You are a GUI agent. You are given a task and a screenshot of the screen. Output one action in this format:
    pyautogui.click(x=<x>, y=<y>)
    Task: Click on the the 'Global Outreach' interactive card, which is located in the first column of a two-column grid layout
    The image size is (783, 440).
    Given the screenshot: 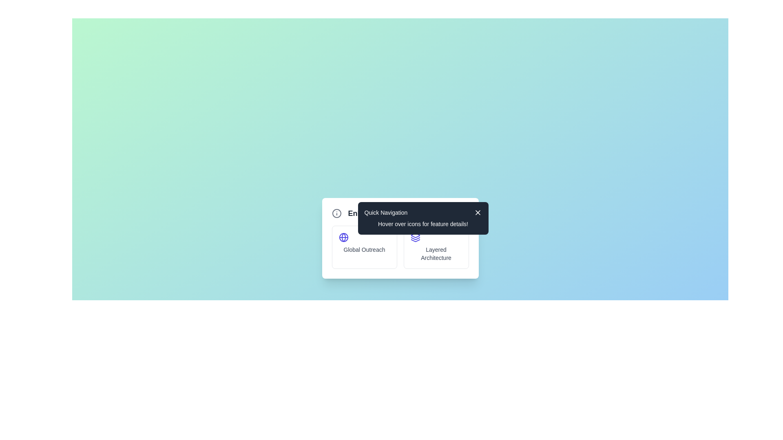 What is the action you would take?
    pyautogui.click(x=364, y=246)
    